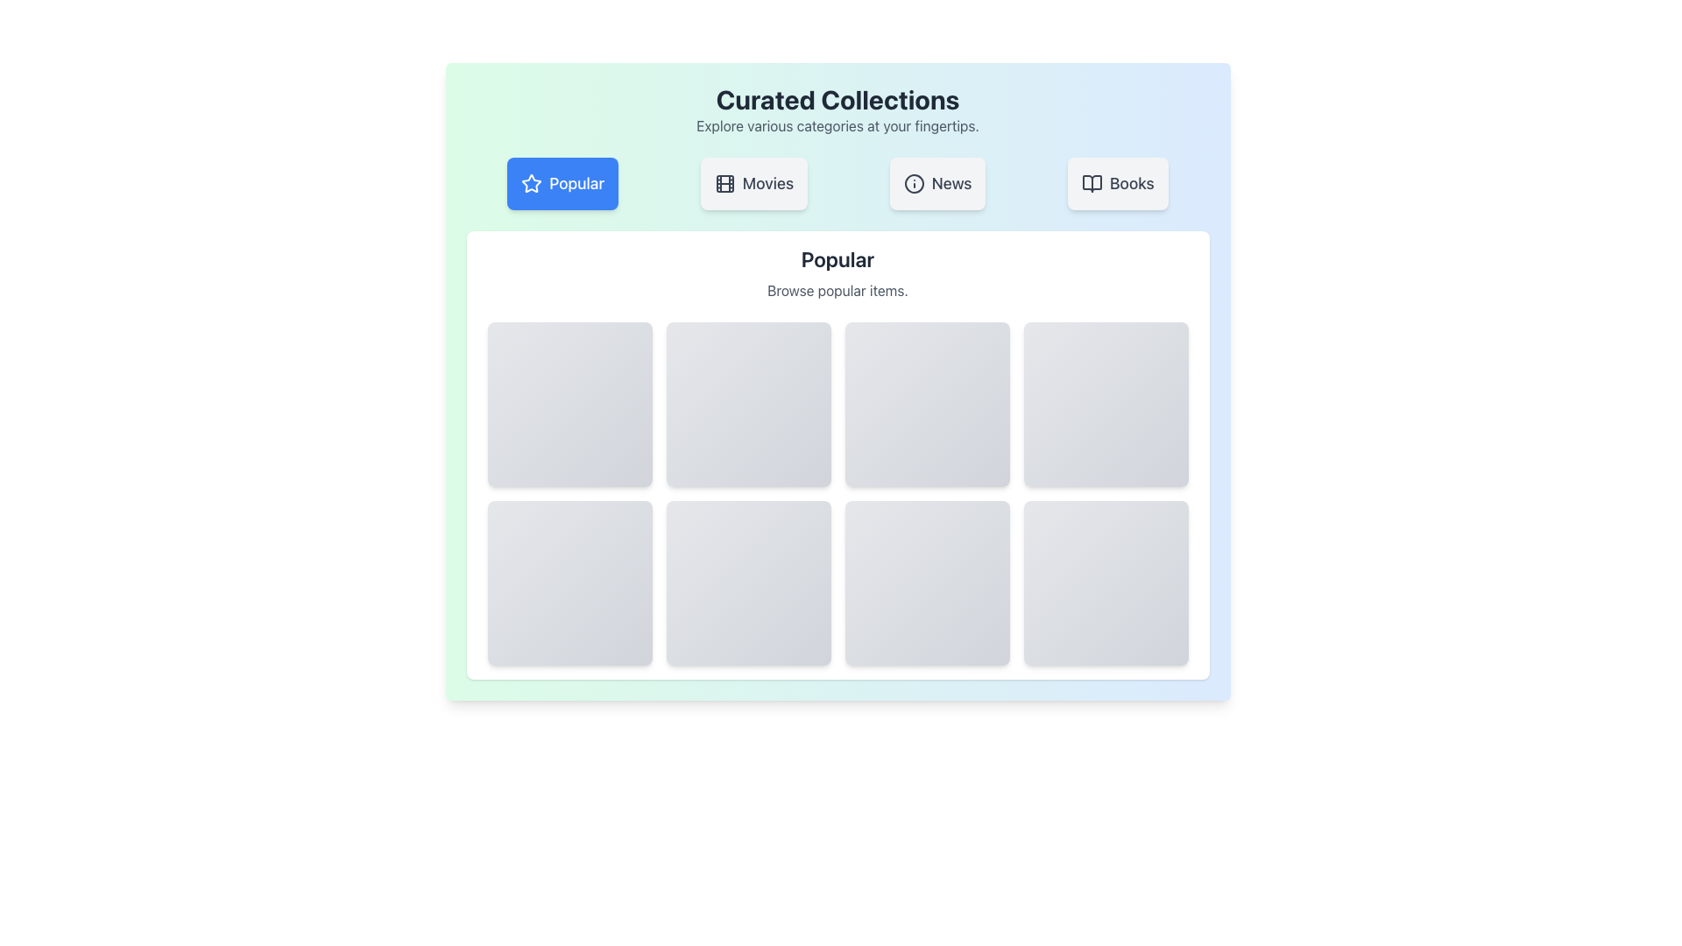 Image resolution: width=1682 pixels, height=946 pixels. What do you see at coordinates (837, 289) in the screenshot?
I see `the text label that contains 'Browse popular items.' which is positioned beneath the bold header 'Popular'` at bounding box center [837, 289].